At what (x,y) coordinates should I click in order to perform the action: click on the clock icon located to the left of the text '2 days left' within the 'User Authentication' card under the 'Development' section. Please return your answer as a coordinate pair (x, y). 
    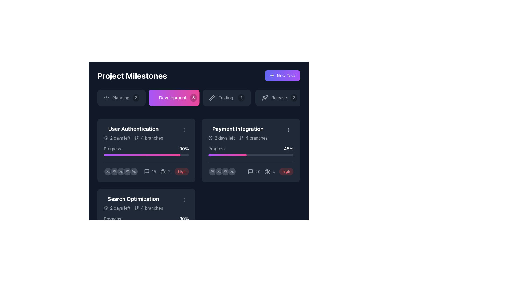
    Looking at the image, I should click on (106, 137).